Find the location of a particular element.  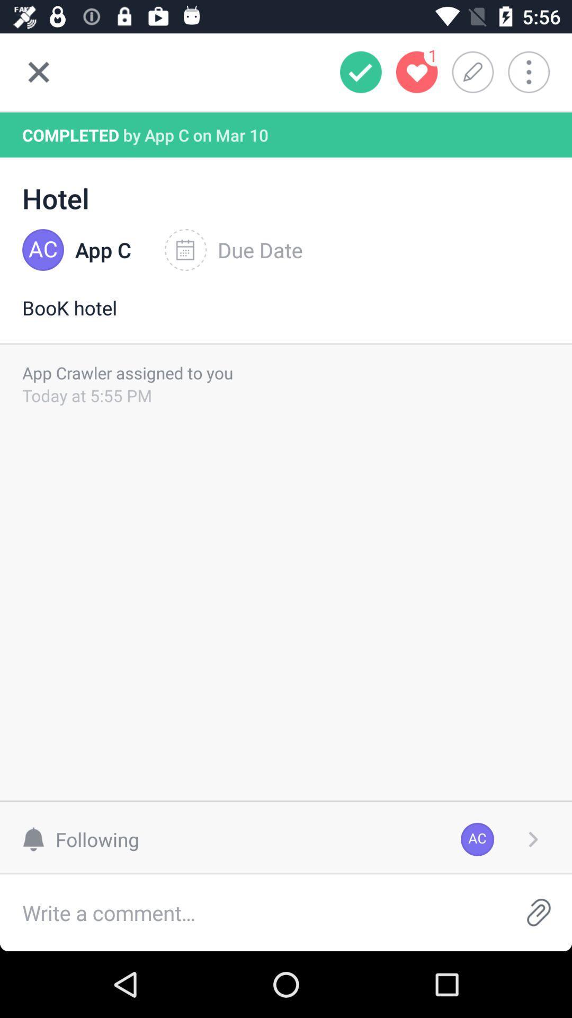

the book hotel is located at coordinates (286, 318).